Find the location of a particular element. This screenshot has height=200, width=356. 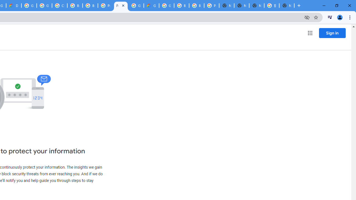

'Chrome' is located at coordinates (350, 17).